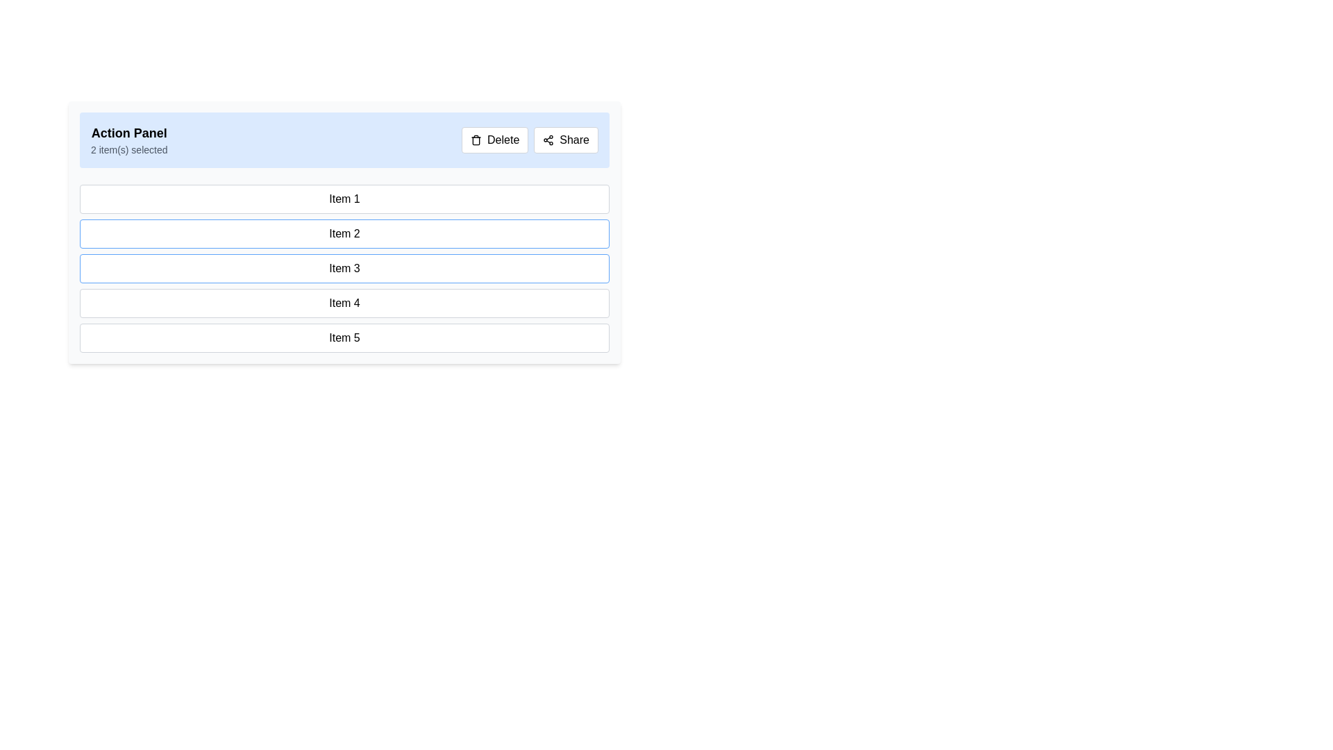 The width and height of the screenshot is (1333, 750). I want to click on the 'Action Panel' header text, which is displayed in bold and larger font size on a light blue background, located at the top of the section, so click(129, 133).